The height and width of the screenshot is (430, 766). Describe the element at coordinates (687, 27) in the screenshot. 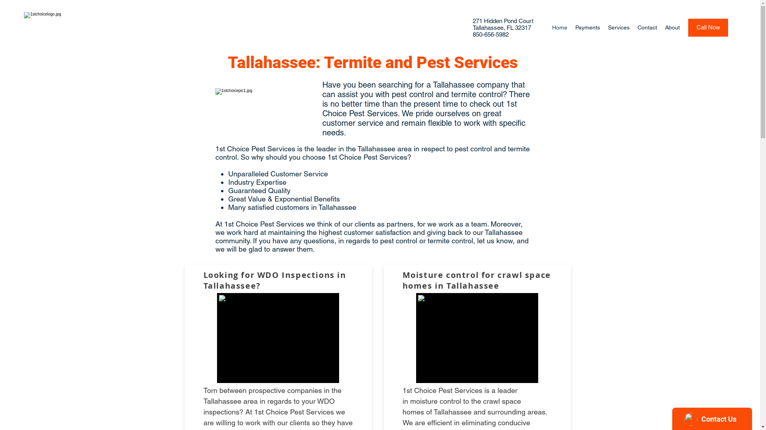

I see `'Call Now'` at that location.